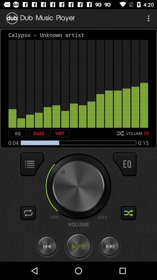 This screenshot has height=280, width=157. Describe the element at coordinates (18, 133) in the screenshot. I see `item next to the  bass  item` at that location.